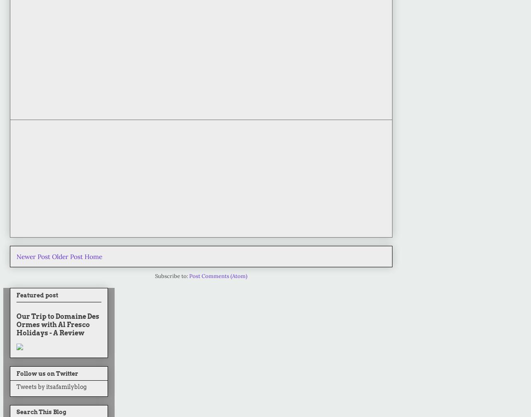 The width and height of the screenshot is (531, 417). I want to click on 'Newer Post', so click(16, 256).